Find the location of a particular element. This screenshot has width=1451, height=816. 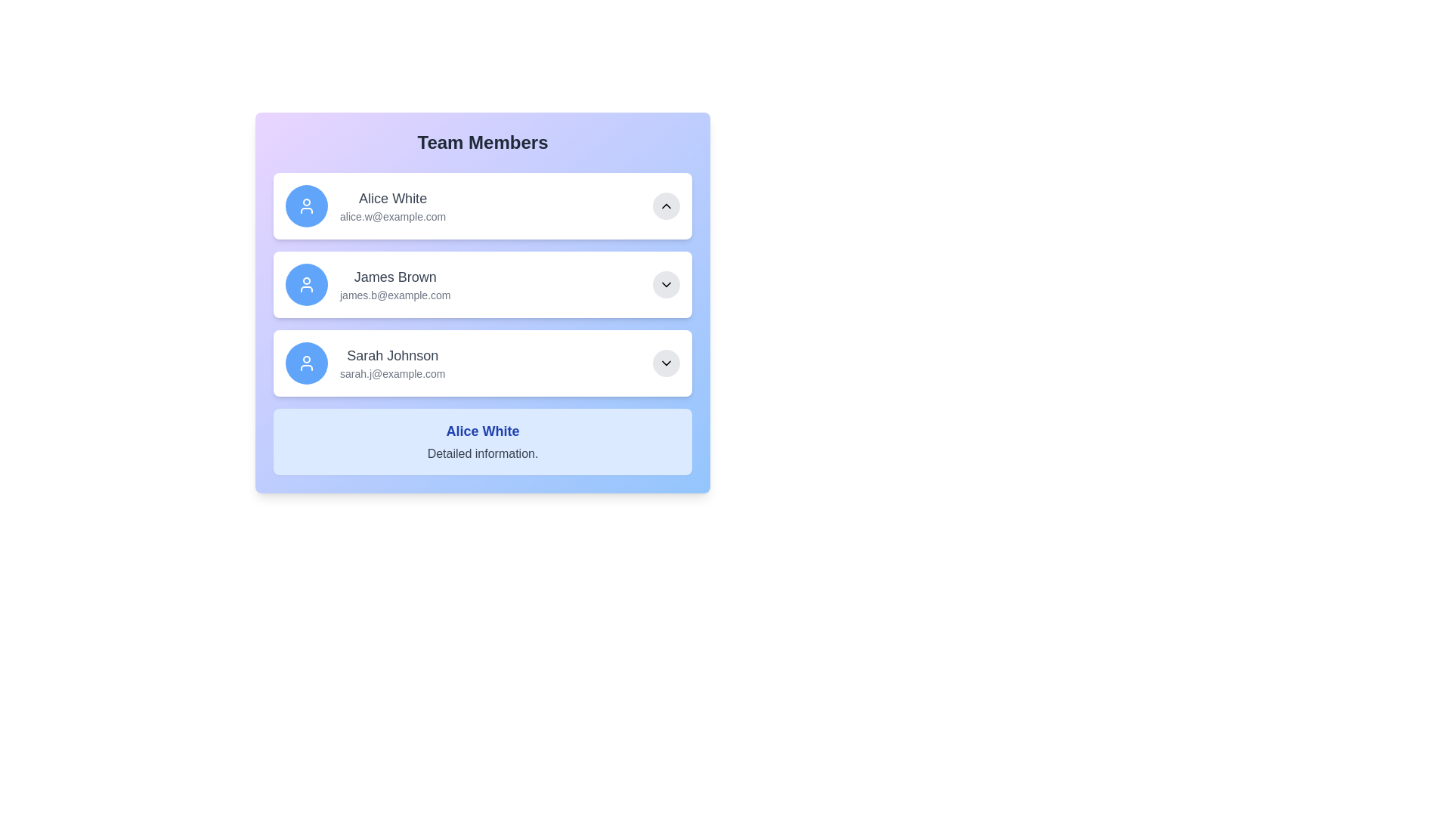

the user profile icon representing 'James Brown', which is positioned to the left of the text 'James Brown' and 'james.b@example.com' is located at coordinates (306, 285).